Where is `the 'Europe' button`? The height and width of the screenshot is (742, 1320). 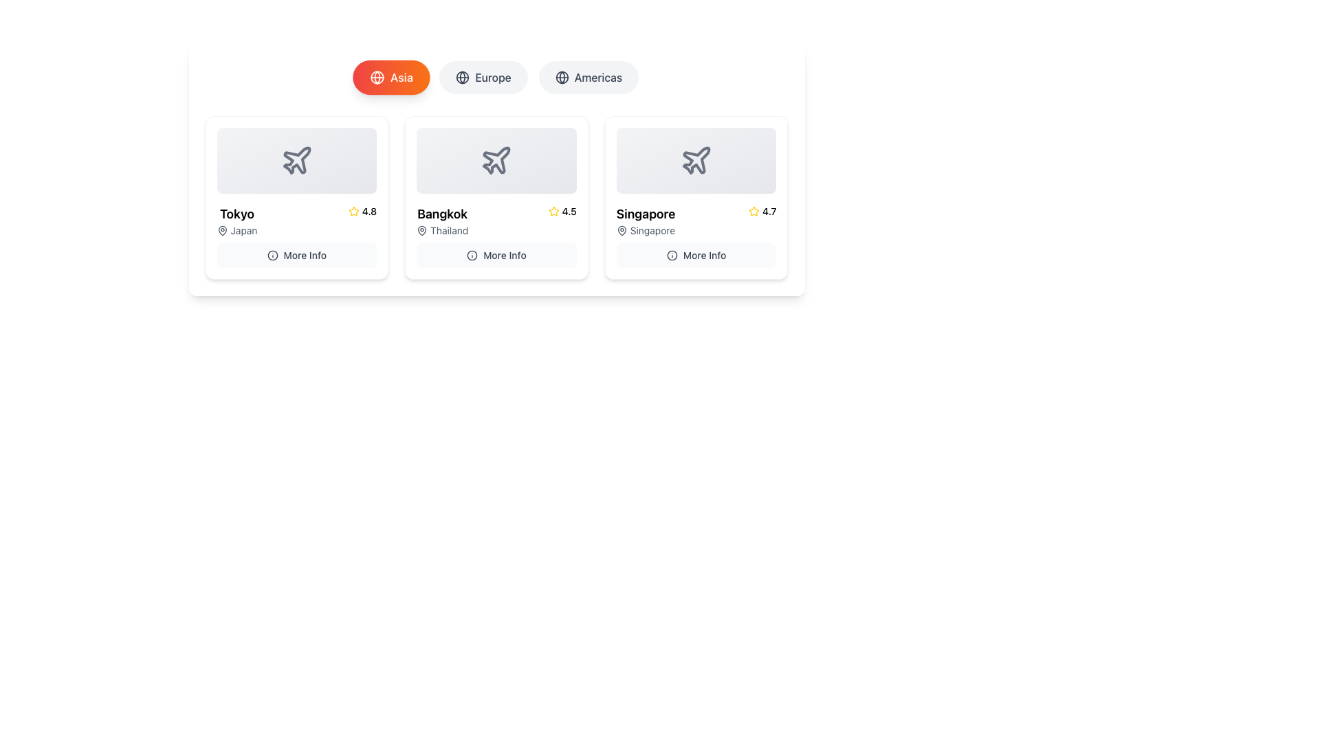 the 'Europe' button is located at coordinates (483, 77).